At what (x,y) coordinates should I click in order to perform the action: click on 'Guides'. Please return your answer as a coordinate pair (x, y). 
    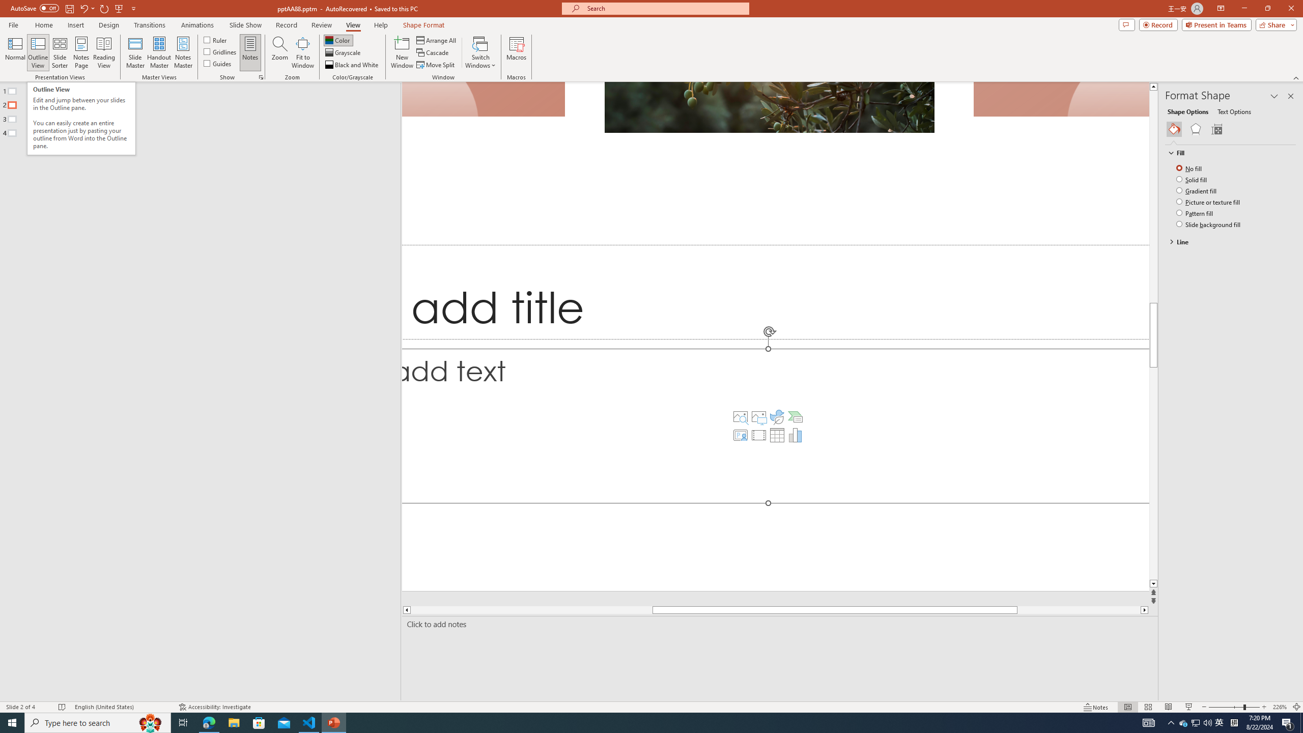
    Looking at the image, I should click on (218, 62).